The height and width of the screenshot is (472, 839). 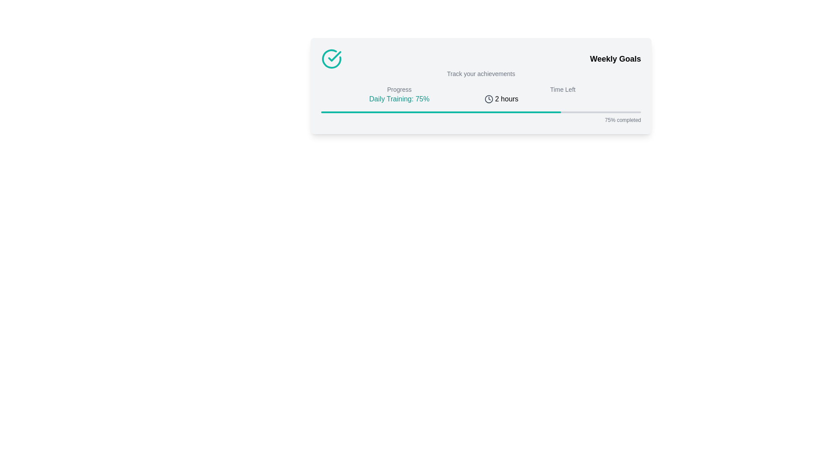 I want to click on the circular outline of the clock icon, which serves as the background and is located near the '2 hours' text in the middle-right section of the card under 'Track your achievements', so click(x=488, y=99).